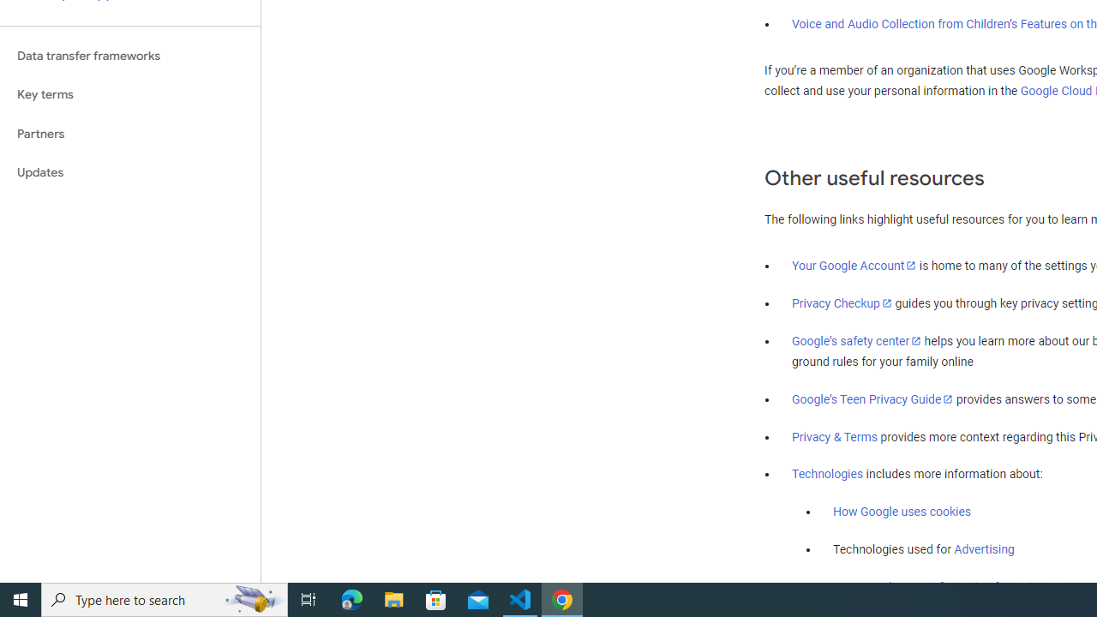  What do you see at coordinates (828, 475) in the screenshot?
I see `'Technologies'` at bounding box center [828, 475].